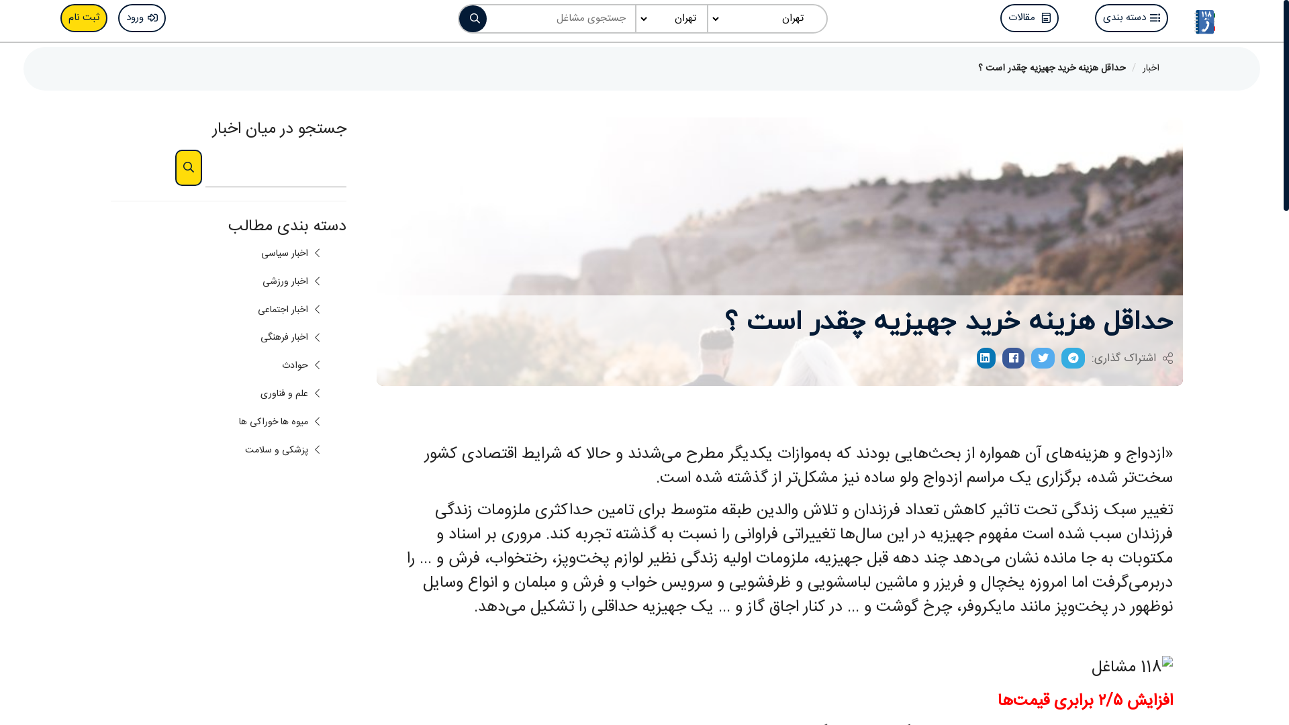  Describe the element at coordinates (1072, 357) in the screenshot. I see `'Share on Telegram'` at that location.